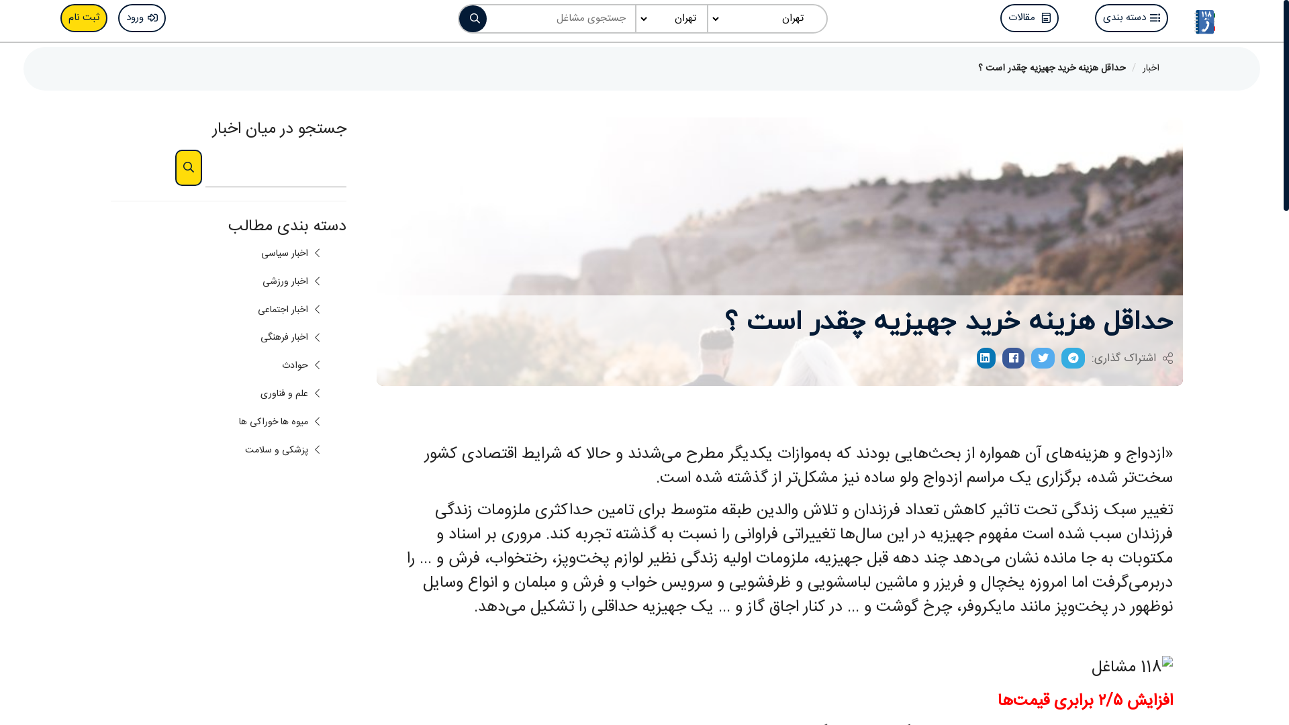  Describe the element at coordinates (1072, 357) in the screenshot. I see `'Share on Telegram'` at that location.